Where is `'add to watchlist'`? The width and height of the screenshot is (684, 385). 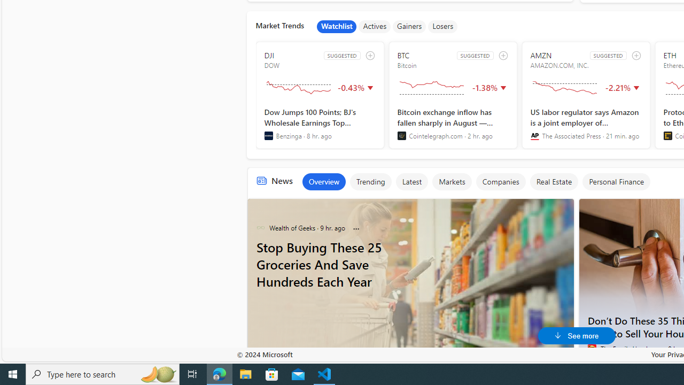 'add to watchlist' is located at coordinates (636, 56).